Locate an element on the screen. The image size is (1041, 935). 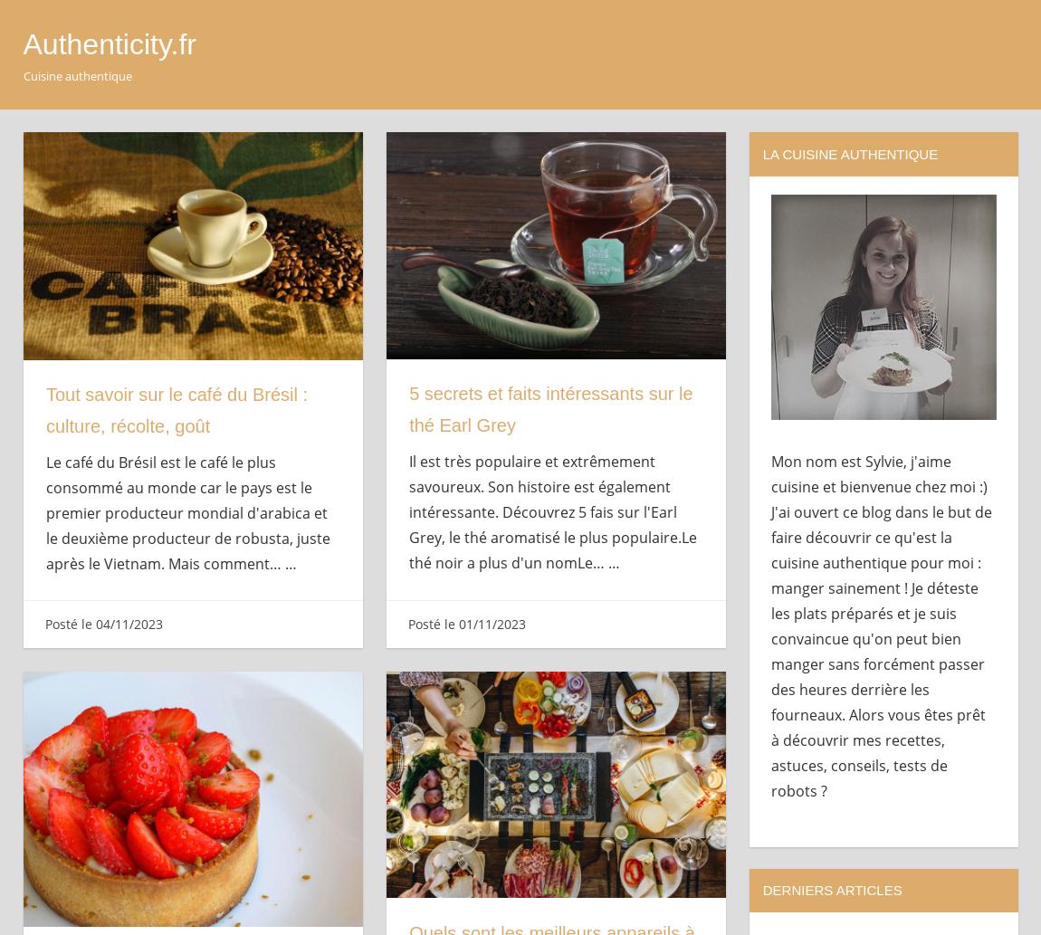
'Cuisine authentique' is located at coordinates (75, 75).